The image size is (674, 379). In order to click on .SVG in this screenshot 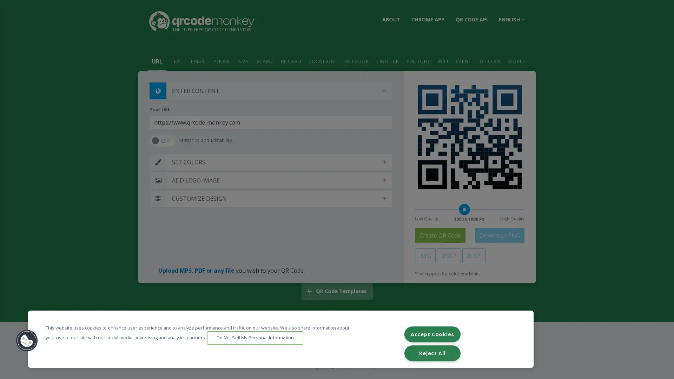, I will do `click(424, 256)`.